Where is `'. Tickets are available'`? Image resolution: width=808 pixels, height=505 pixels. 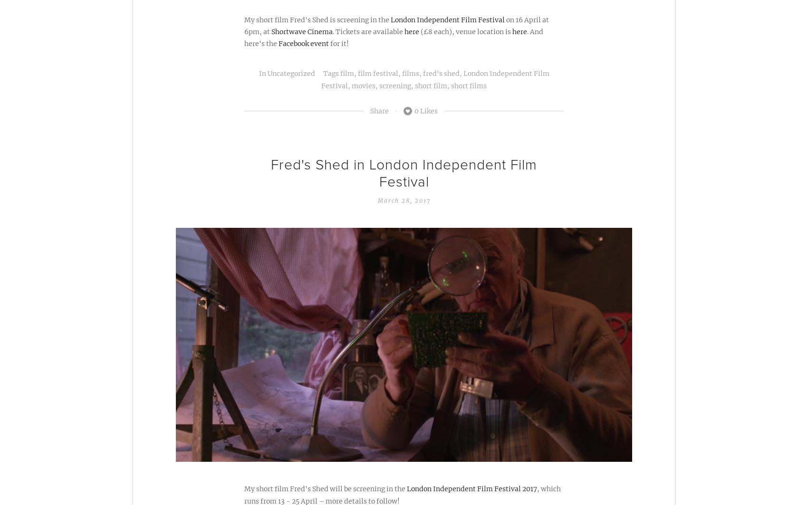
'. Tickets are available' is located at coordinates (368, 32).